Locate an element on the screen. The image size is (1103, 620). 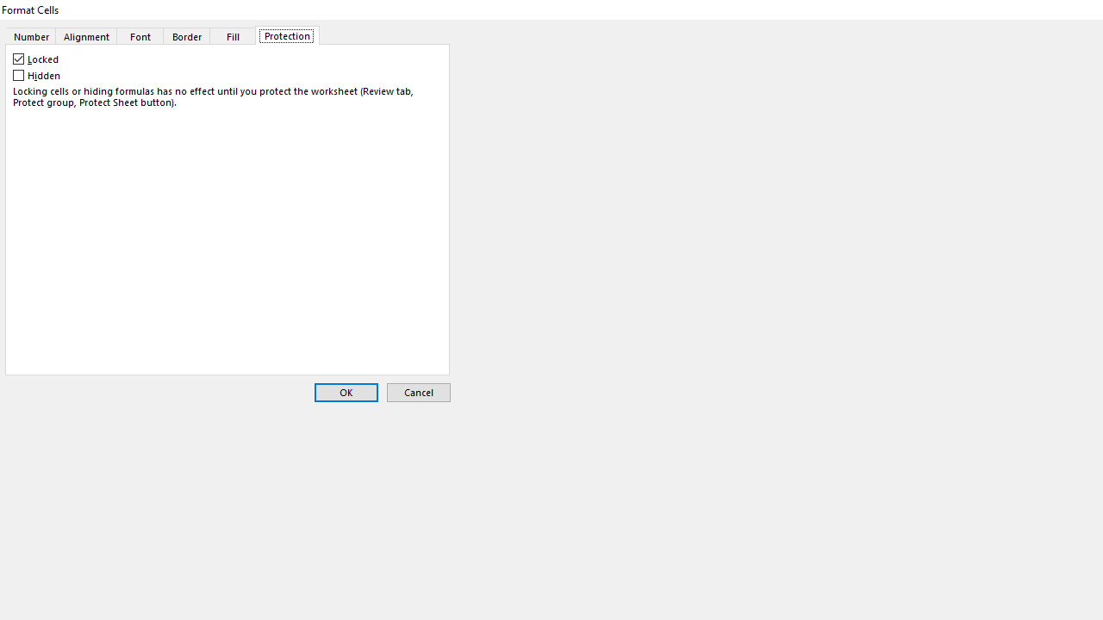
'Alignment' is located at coordinates (85, 35).